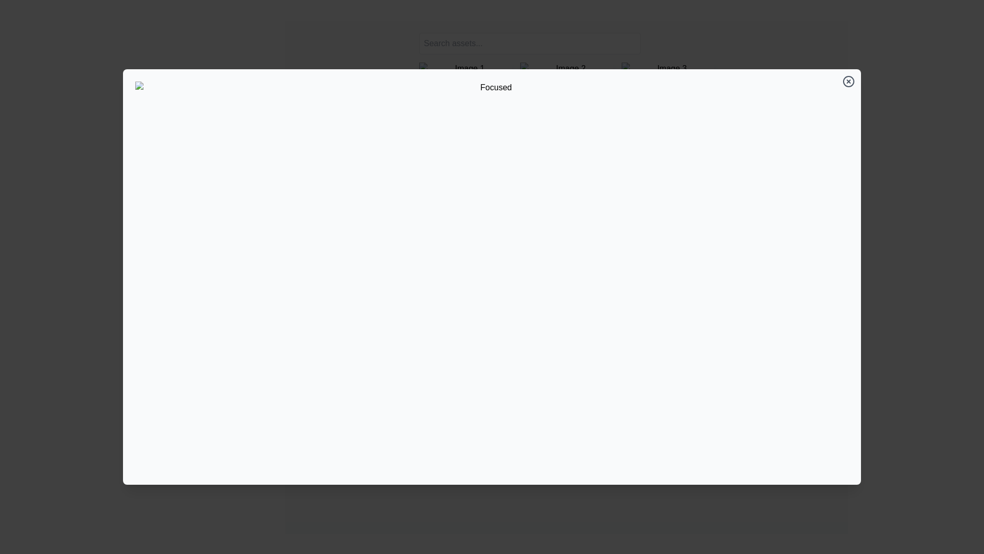 This screenshot has width=984, height=554. I want to click on the thumbnail labeled 'Image 2', which is the second item in the first row of a grid layout, so click(566, 69).